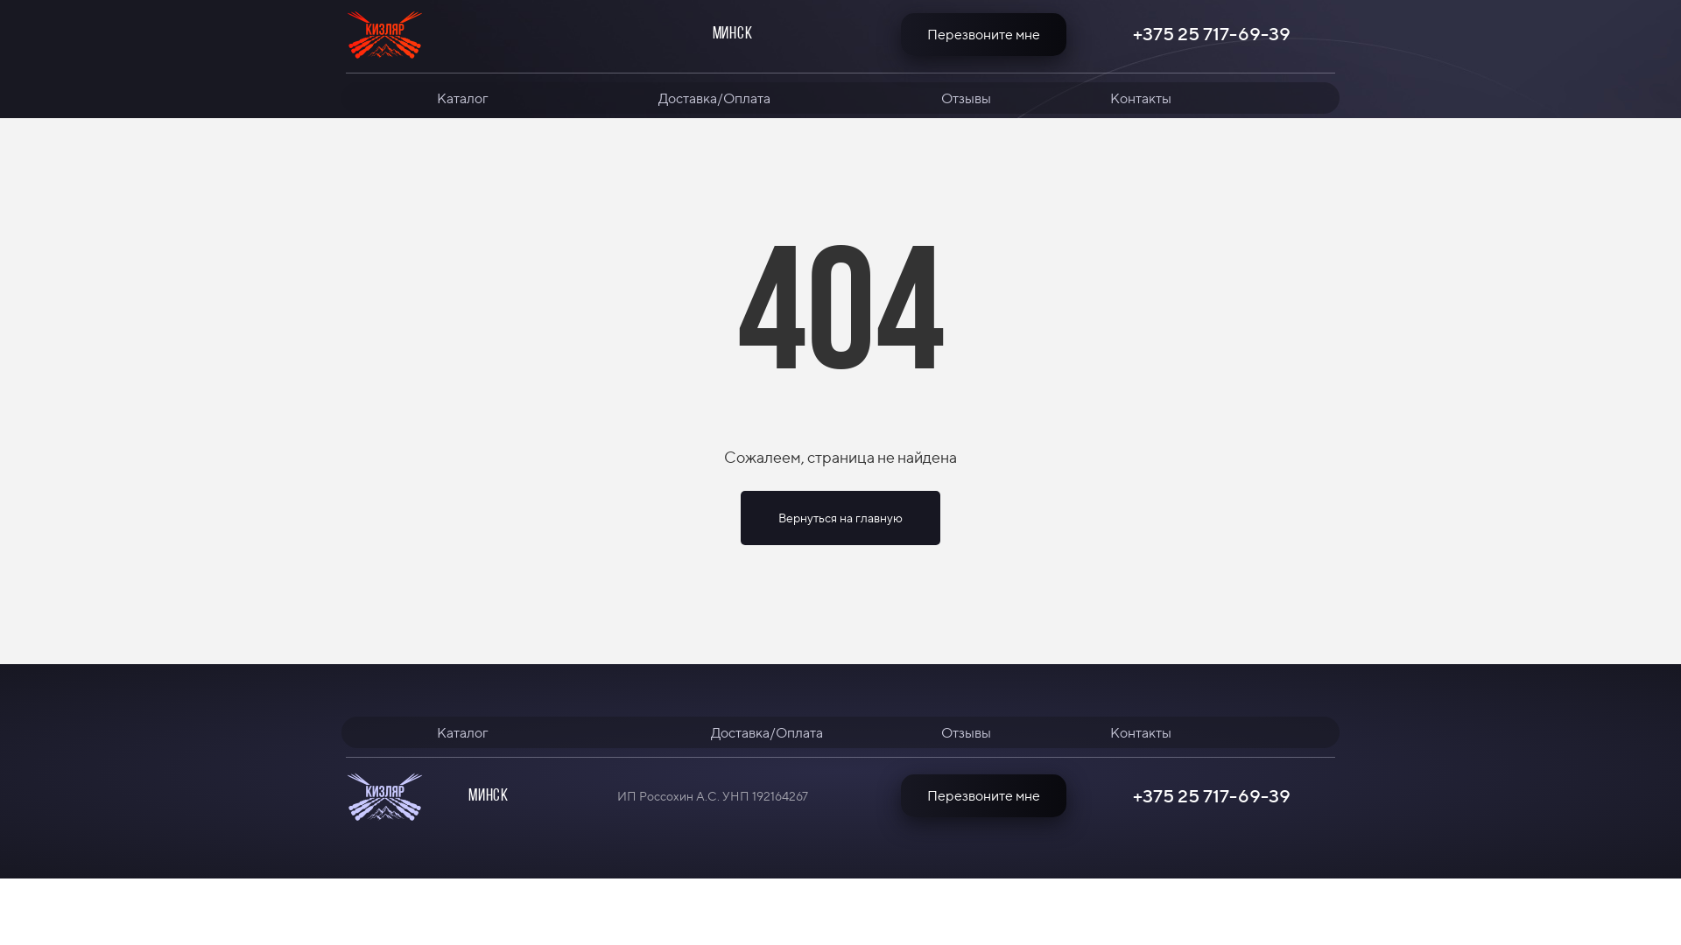  What do you see at coordinates (1210, 796) in the screenshot?
I see `'+375 25 717-69-39'` at bounding box center [1210, 796].